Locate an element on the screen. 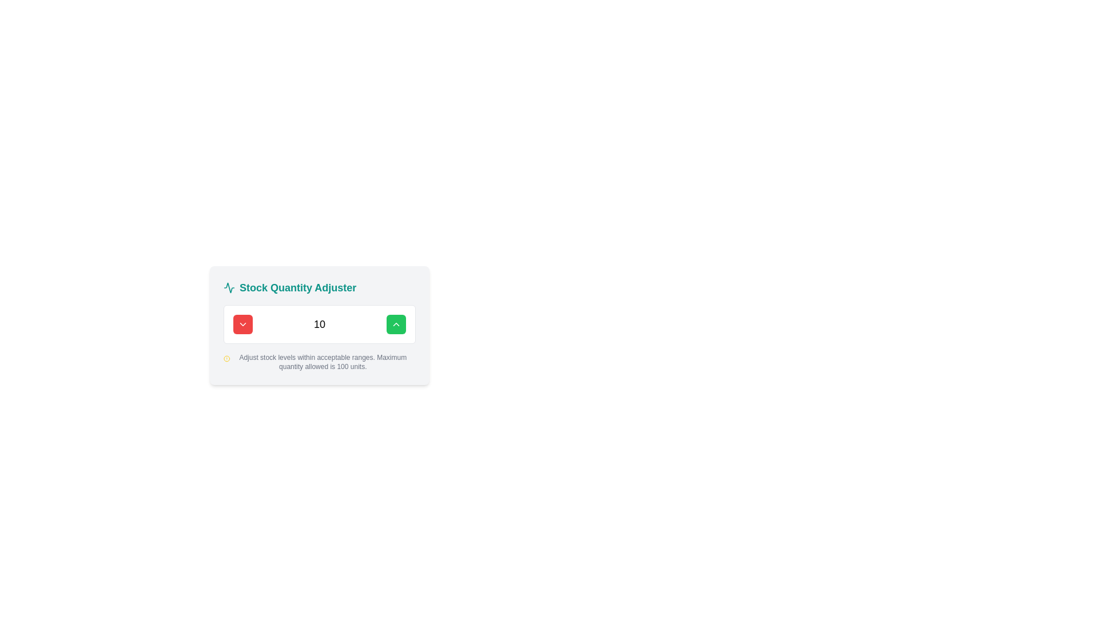  yellow warning icon featuring a circular outline with an alert exclamation mark, positioned to the far left of the informational text in the 'Stock Quantity Adjuster' interface is located at coordinates (226, 358).